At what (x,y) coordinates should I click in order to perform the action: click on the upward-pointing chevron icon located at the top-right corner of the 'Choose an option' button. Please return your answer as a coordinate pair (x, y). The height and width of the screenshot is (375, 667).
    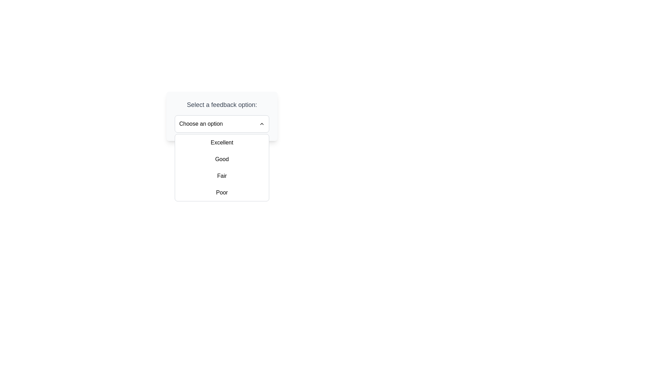
    Looking at the image, I should click on (261, 124).